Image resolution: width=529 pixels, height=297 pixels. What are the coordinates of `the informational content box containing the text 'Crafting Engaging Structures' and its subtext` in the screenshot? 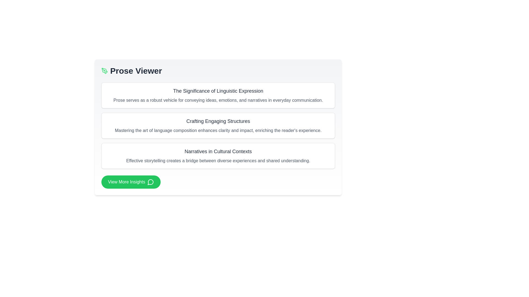 It's located at (218, 127).